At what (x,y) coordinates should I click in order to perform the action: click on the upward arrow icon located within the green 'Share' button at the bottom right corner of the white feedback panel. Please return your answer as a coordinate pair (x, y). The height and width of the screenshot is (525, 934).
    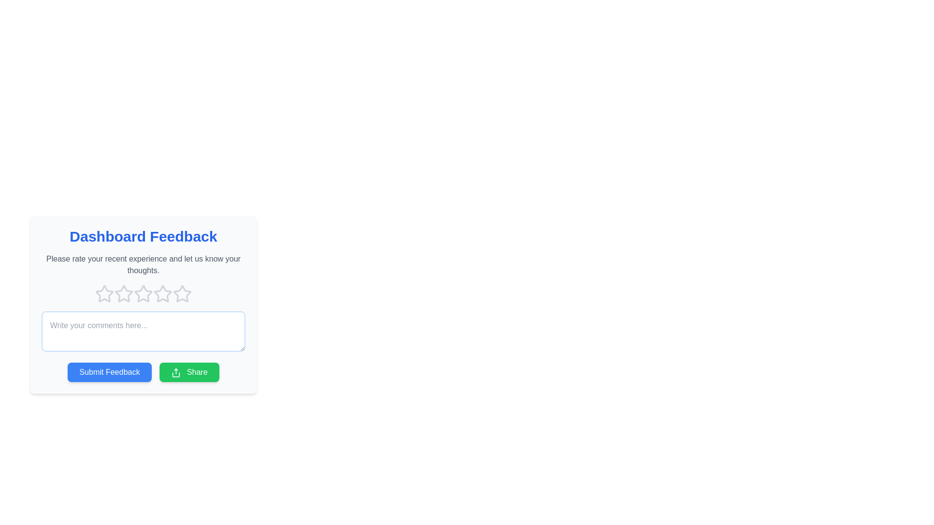
    Looking at the image, I should click on (176, 372).